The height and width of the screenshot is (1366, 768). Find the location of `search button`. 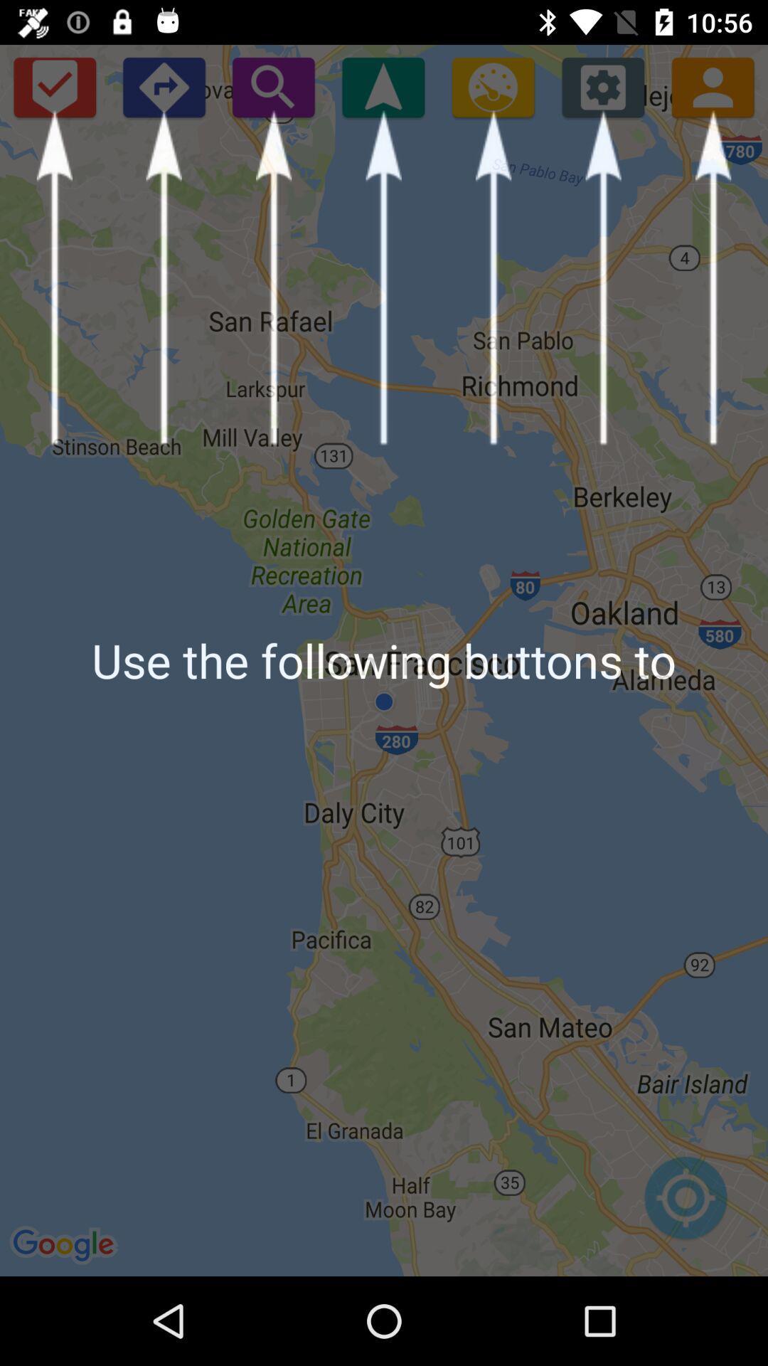

search button is located at coordinates (273, 86).